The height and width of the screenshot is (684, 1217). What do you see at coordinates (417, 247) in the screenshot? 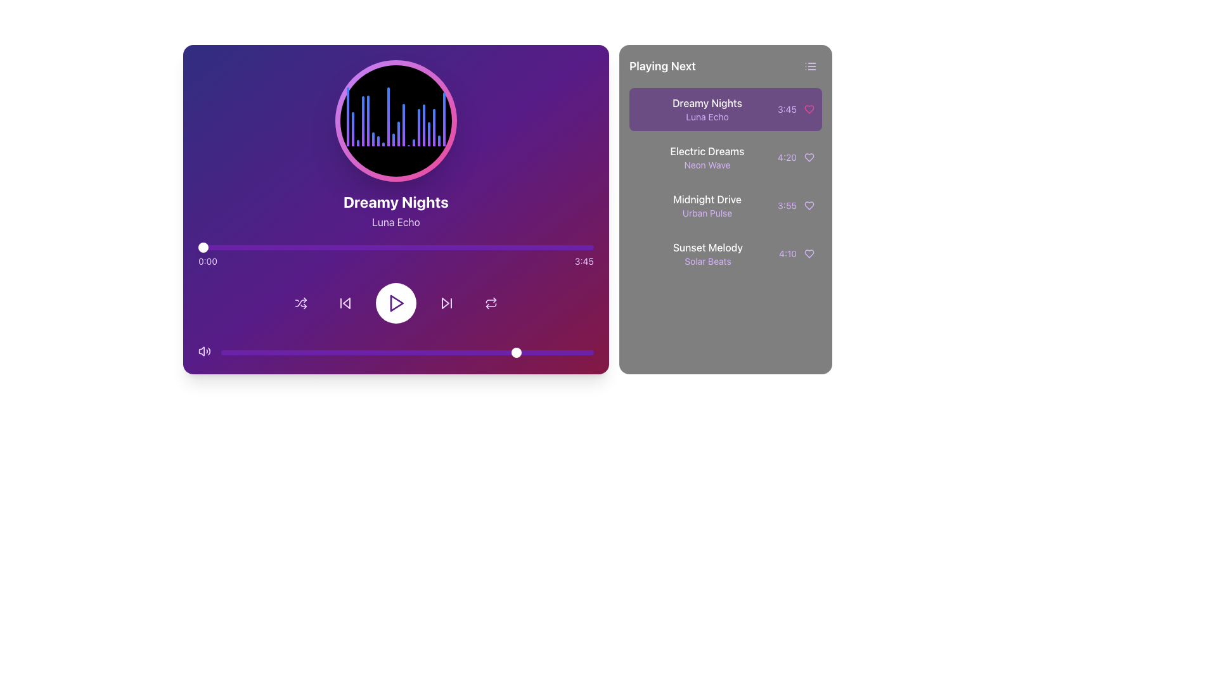
I see `the playback position` at bounding box center [417, 247].